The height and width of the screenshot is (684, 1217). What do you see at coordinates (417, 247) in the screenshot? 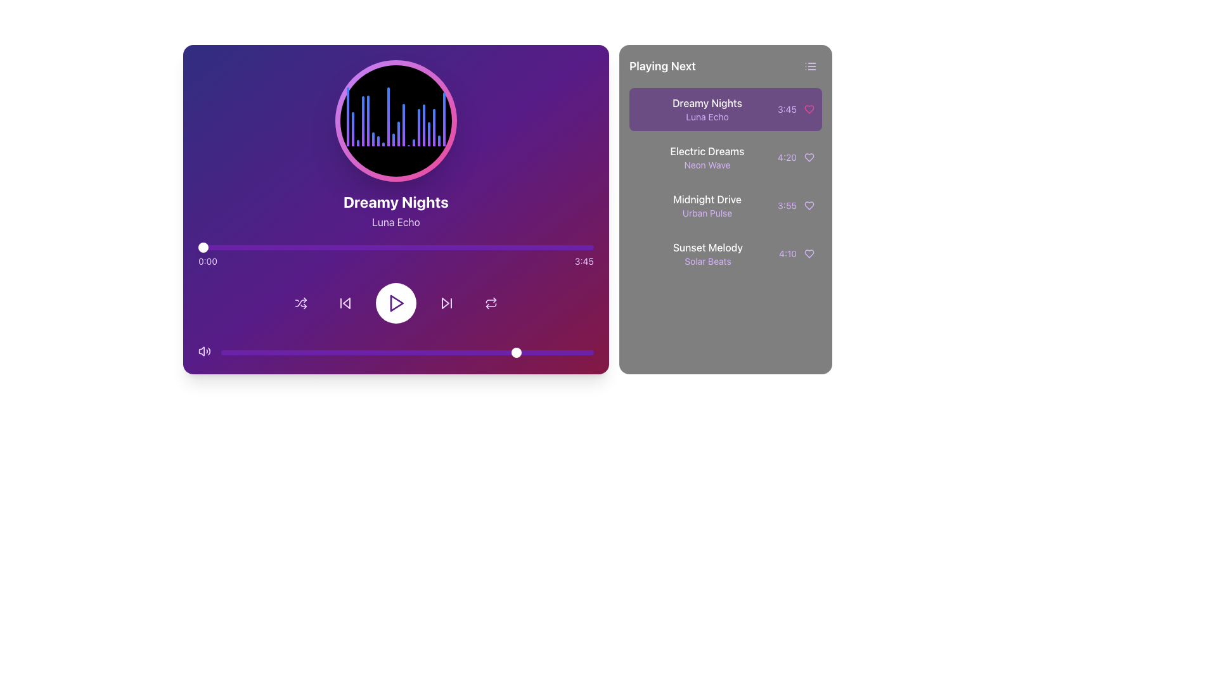
I see `the playback position` at bounding box center [417, 247].